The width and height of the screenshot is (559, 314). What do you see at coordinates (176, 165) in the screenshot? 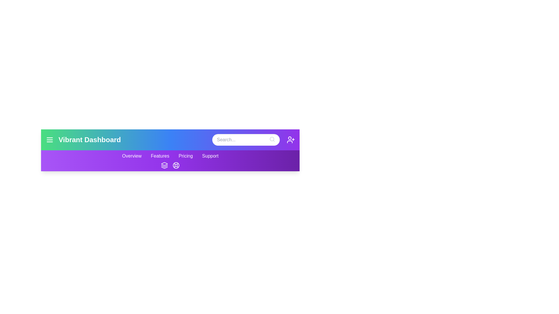
I see `the life buoy icon` at bounding box center [176, 165].